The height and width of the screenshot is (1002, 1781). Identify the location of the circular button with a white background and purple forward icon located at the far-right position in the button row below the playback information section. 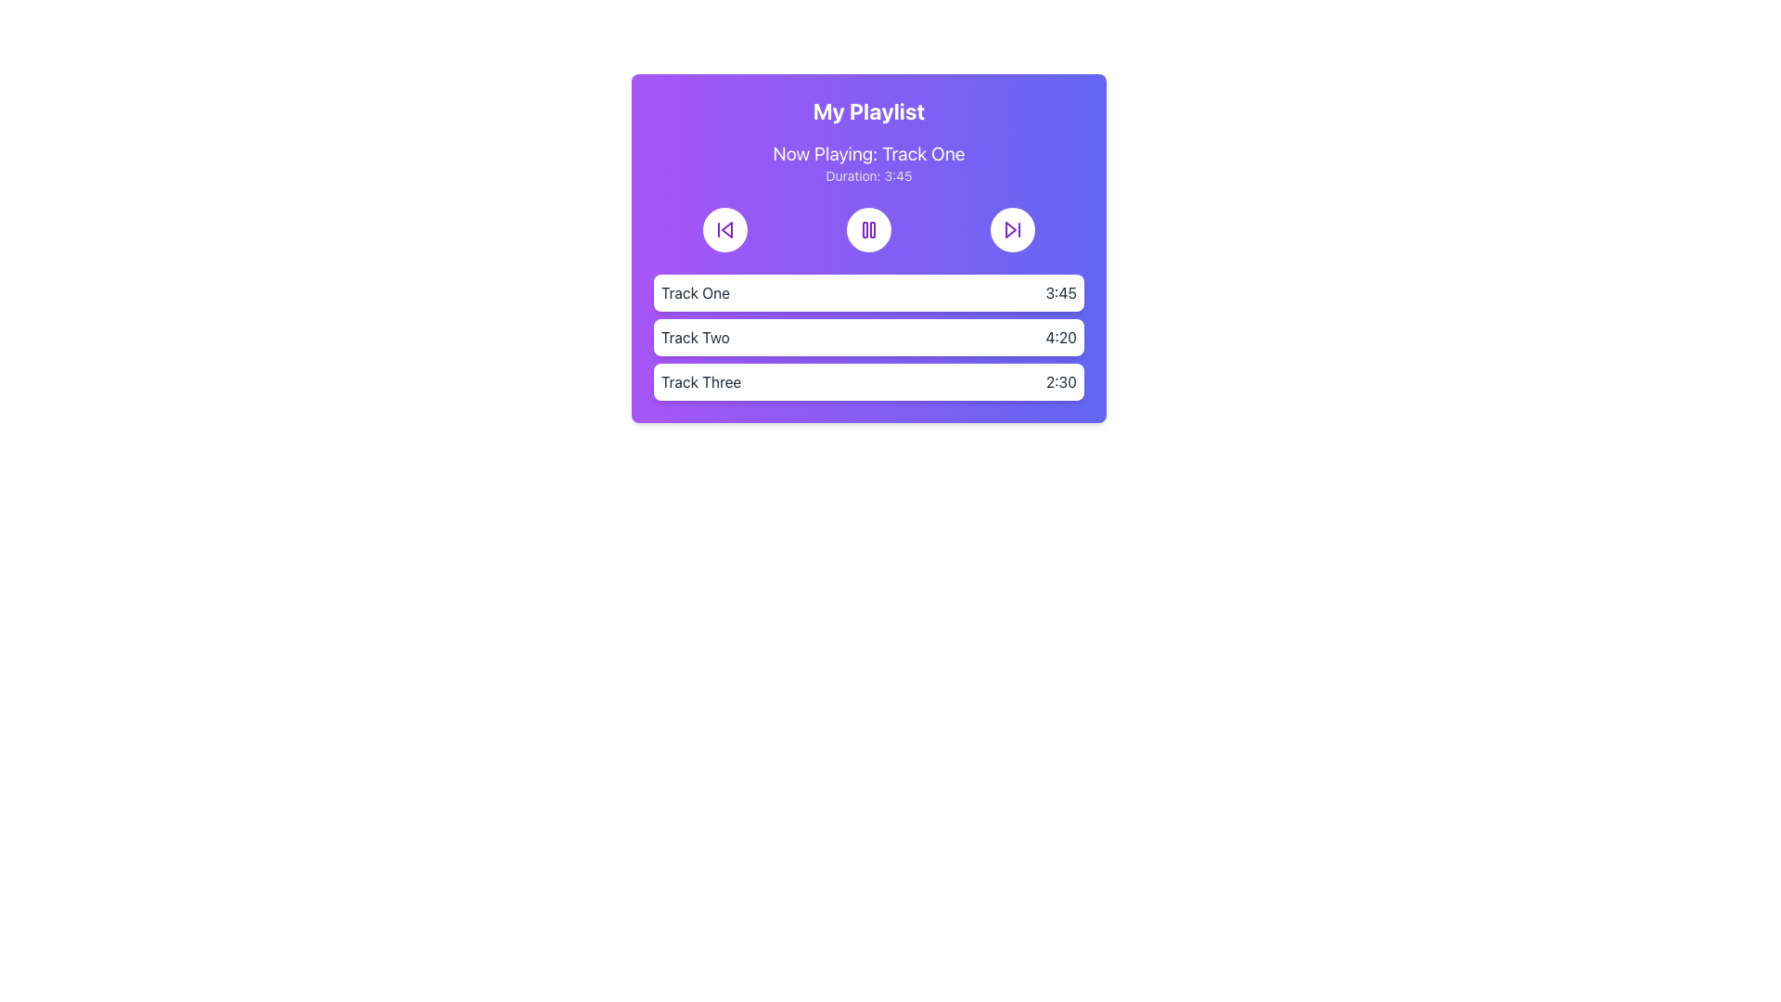
(1011, 228).